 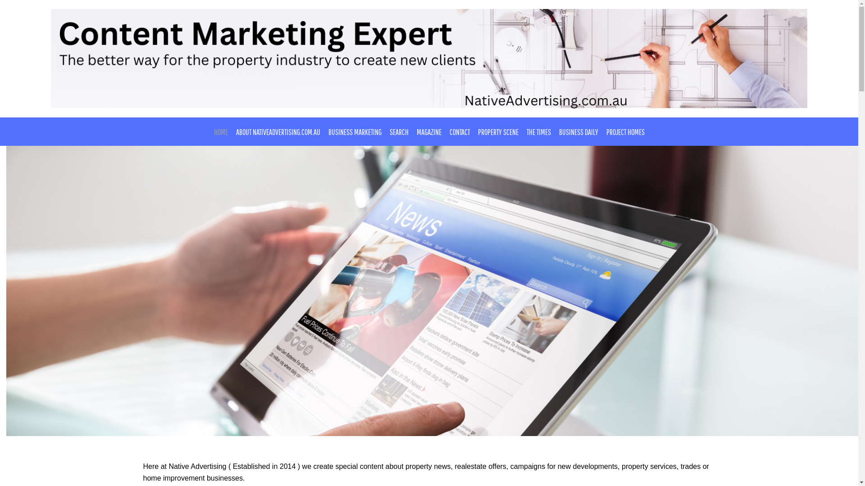 What do you see at coordinates (538, 132) in the screenshot?
I see `'THE TIMES'` at bounding box center [538, 132].